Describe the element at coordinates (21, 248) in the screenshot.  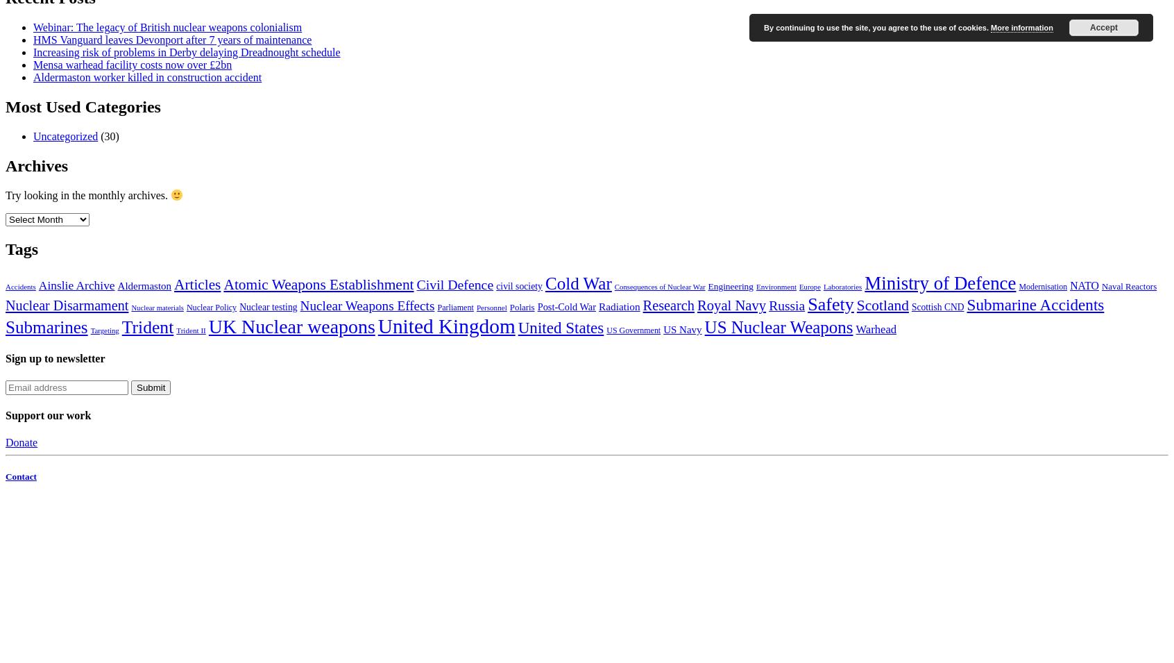
I see `'Tags'` at that location.